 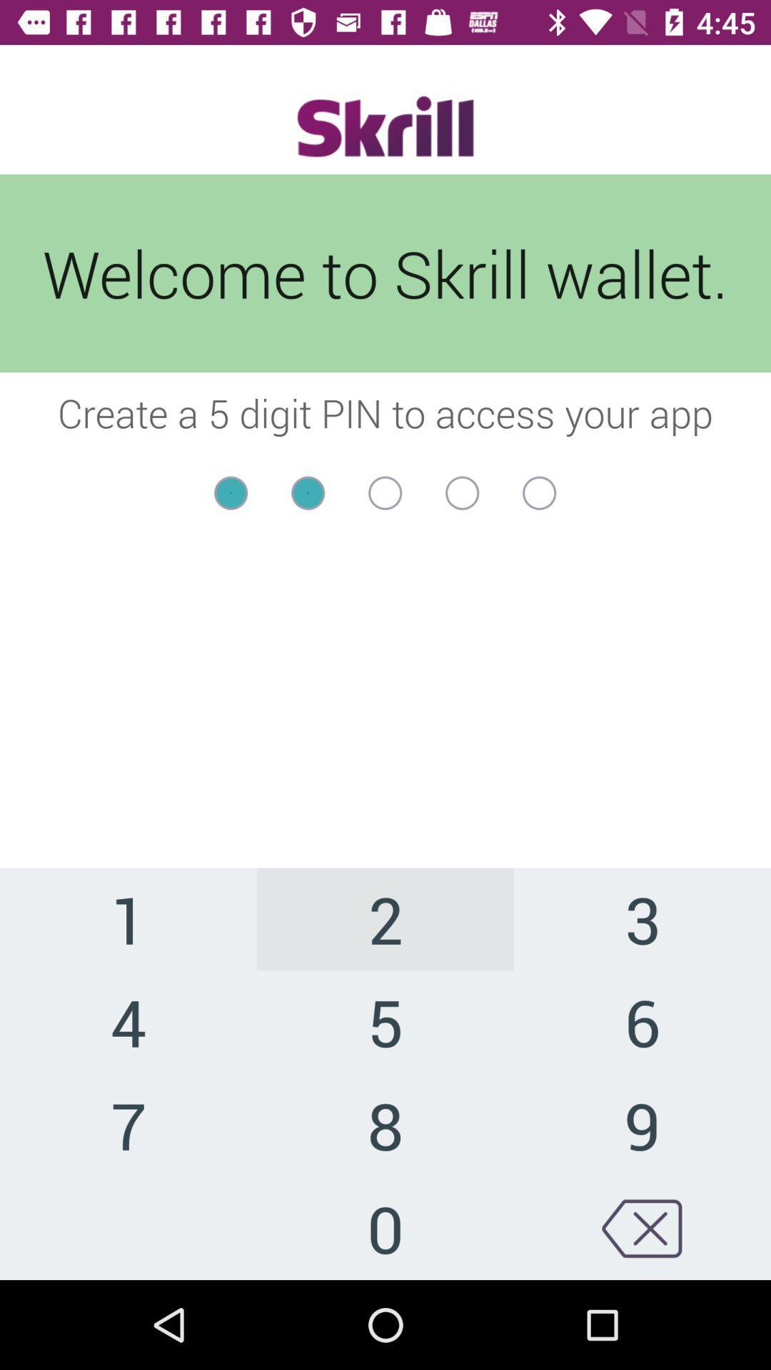 What do you see at coordinates (128, 1124) in the screenshot?
I see `the icon below 4 item` at bounding box center [128, 1124].